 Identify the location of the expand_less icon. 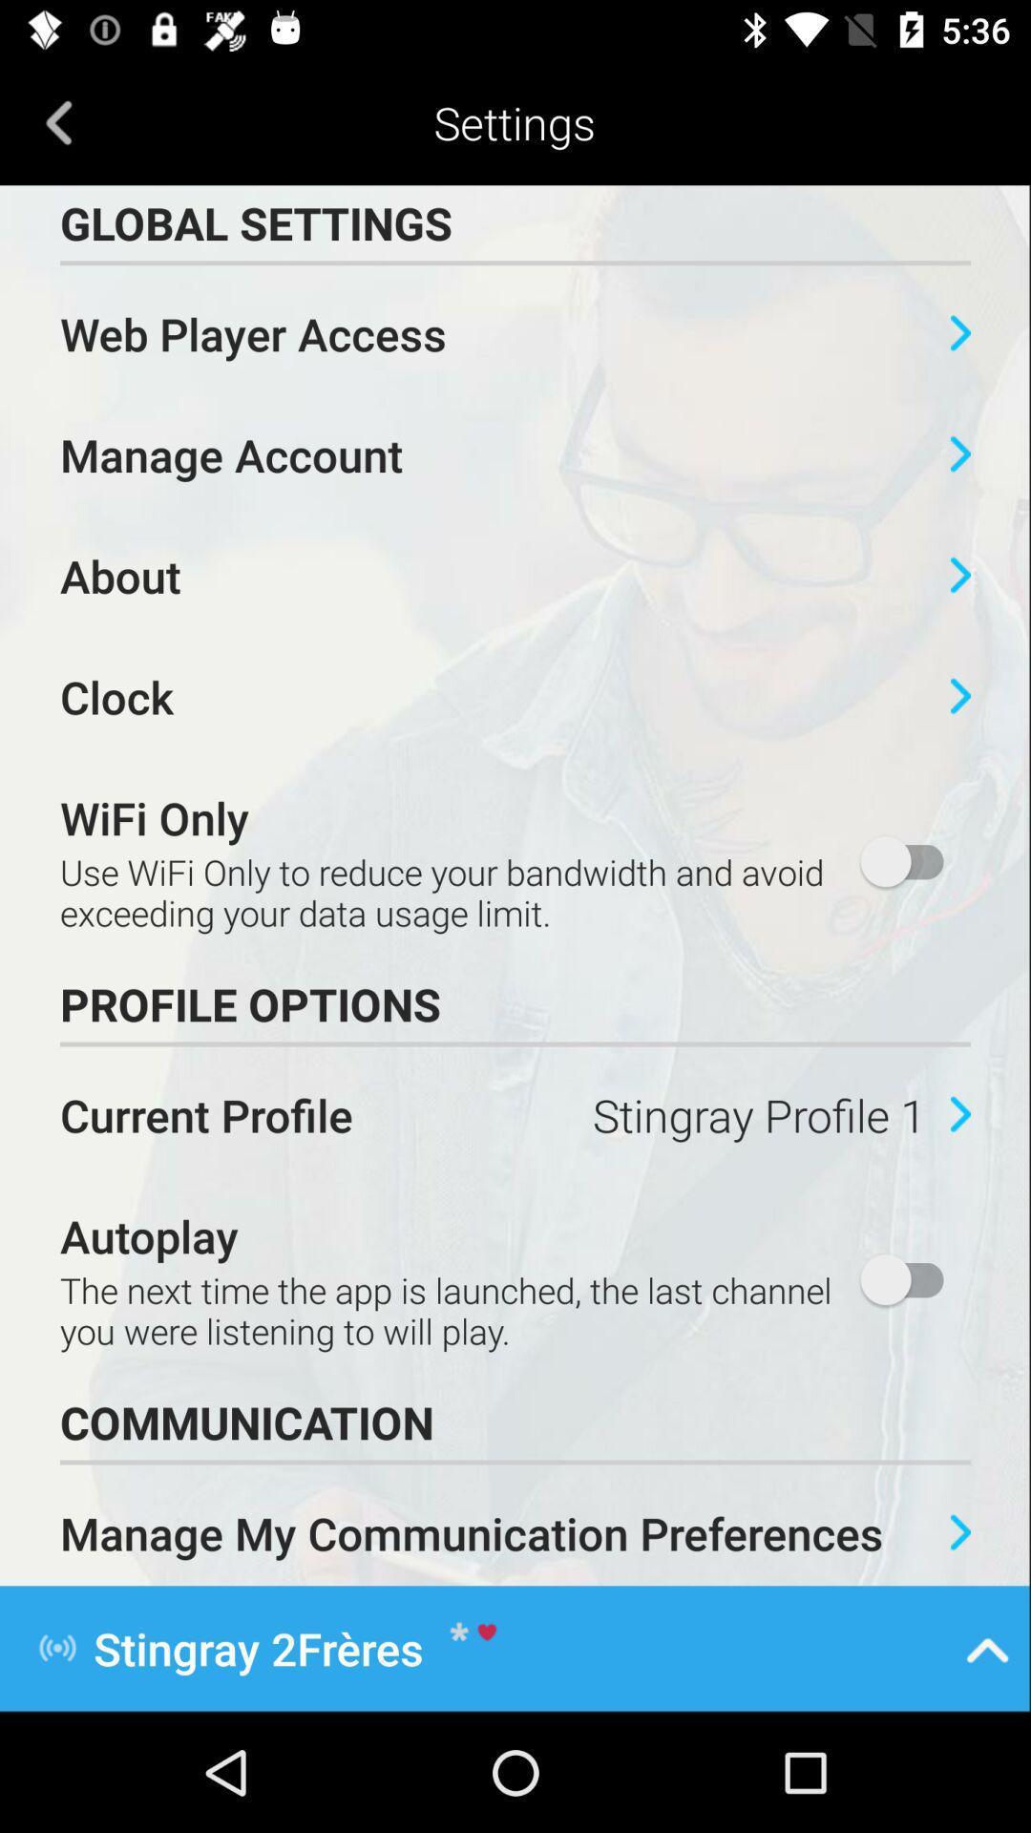
(987, 1647).